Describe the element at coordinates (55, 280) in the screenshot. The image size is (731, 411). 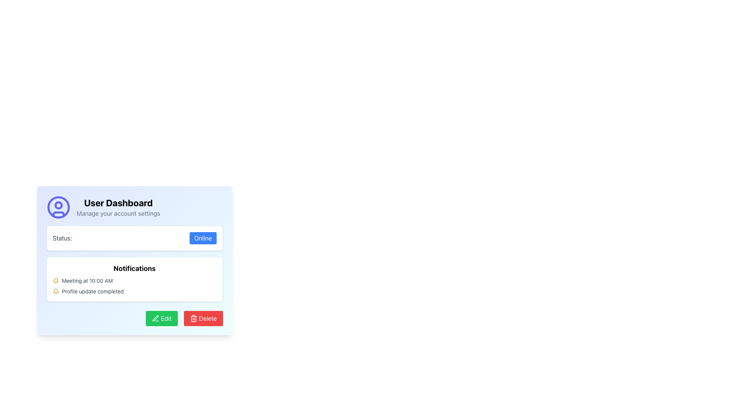
I see `the bell icon in the Notifications section that indicates a notification entry for 'Profile update completed'` at that location.